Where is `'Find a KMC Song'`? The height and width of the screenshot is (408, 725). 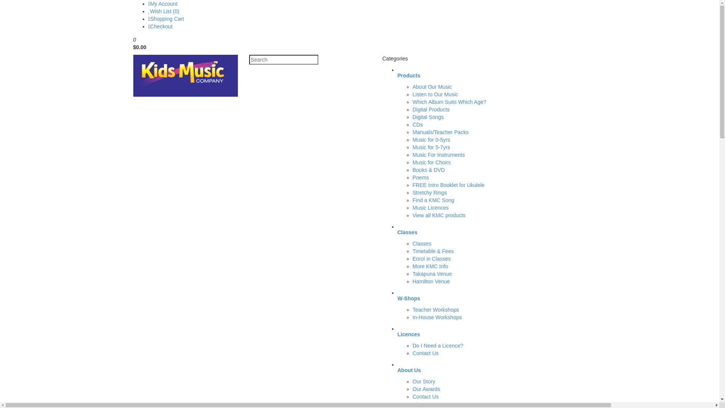 'Find a KMC Song' is located at coordinates (433, 199).